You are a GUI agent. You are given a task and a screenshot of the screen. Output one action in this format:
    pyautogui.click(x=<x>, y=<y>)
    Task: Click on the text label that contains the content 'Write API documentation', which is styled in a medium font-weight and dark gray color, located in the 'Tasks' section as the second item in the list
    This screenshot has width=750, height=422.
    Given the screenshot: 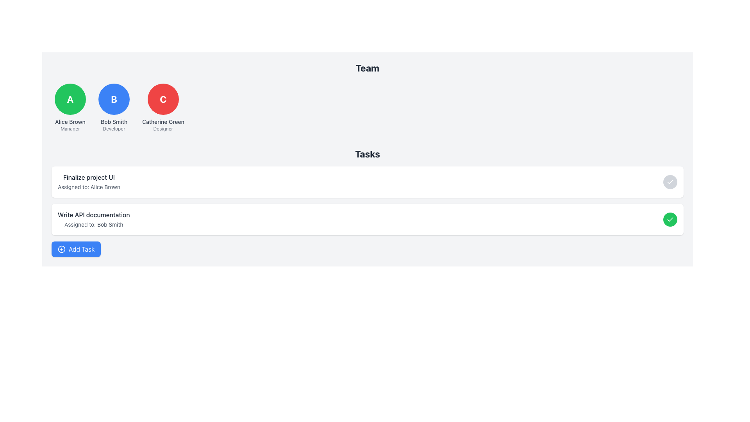 What is the action you would take?
    pyautogui.click(x=94, y=215)
    